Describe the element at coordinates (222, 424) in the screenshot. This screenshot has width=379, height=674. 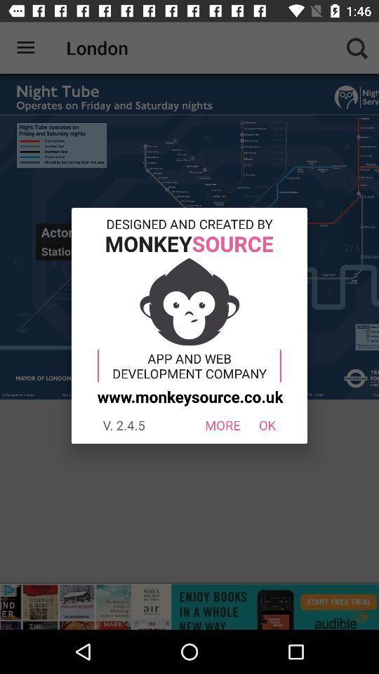
I see `the item to the left of ok icon` at that location.